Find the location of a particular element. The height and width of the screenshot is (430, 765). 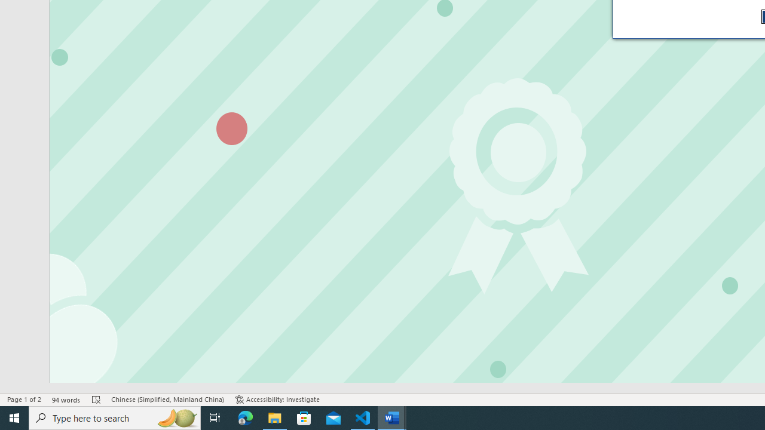

'Page Number Page 1 of 2' is located at coordinates (24, 400).